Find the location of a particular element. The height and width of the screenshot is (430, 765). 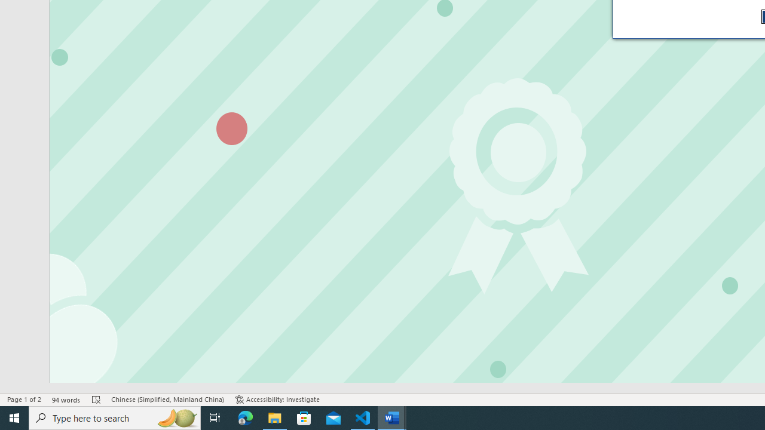

'Page Number Page 1 of 2' is located at coordinates (24, 400).